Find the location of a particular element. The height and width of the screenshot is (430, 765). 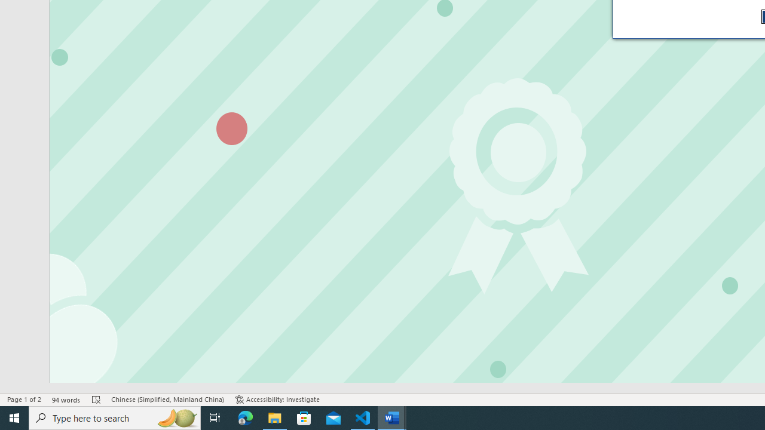

'Page Number Page 1 of 2' is located at coordinates (24, 400).